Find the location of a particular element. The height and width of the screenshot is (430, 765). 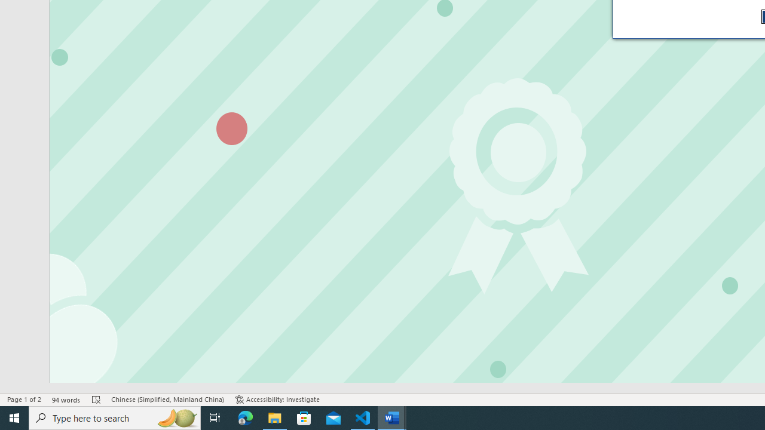

'Page Number Page 1 of 2' is located at coordinates (24, 400).